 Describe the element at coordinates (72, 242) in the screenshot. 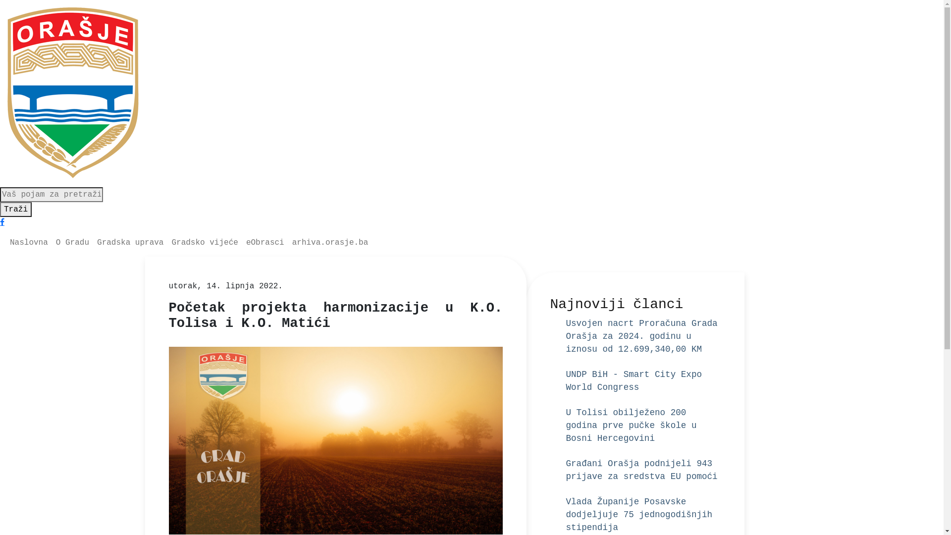

I see `'O Gradu'` at that location.